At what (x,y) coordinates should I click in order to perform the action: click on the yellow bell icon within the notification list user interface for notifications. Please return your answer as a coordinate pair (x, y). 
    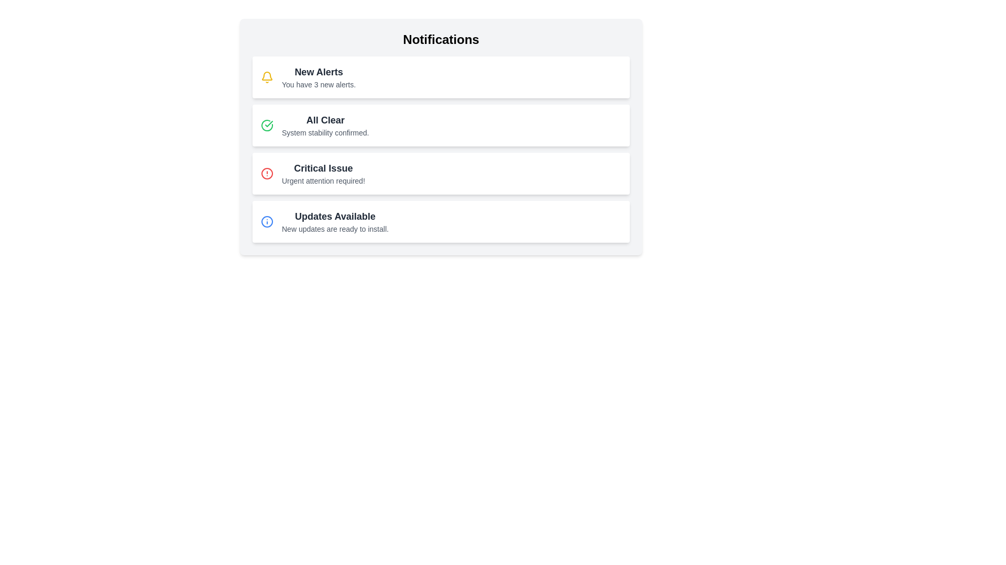
    Looking at the image, I should click on (267, 75).